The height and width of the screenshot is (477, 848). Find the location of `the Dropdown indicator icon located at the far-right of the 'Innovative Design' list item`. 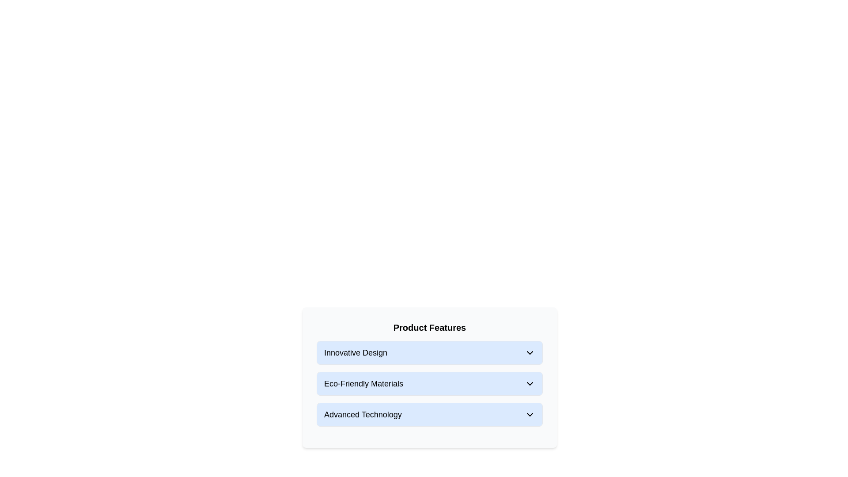

the Dropdown indicator icon located at the far-right of the 'Innovative Design' list item is located at coordinates (530, 352).